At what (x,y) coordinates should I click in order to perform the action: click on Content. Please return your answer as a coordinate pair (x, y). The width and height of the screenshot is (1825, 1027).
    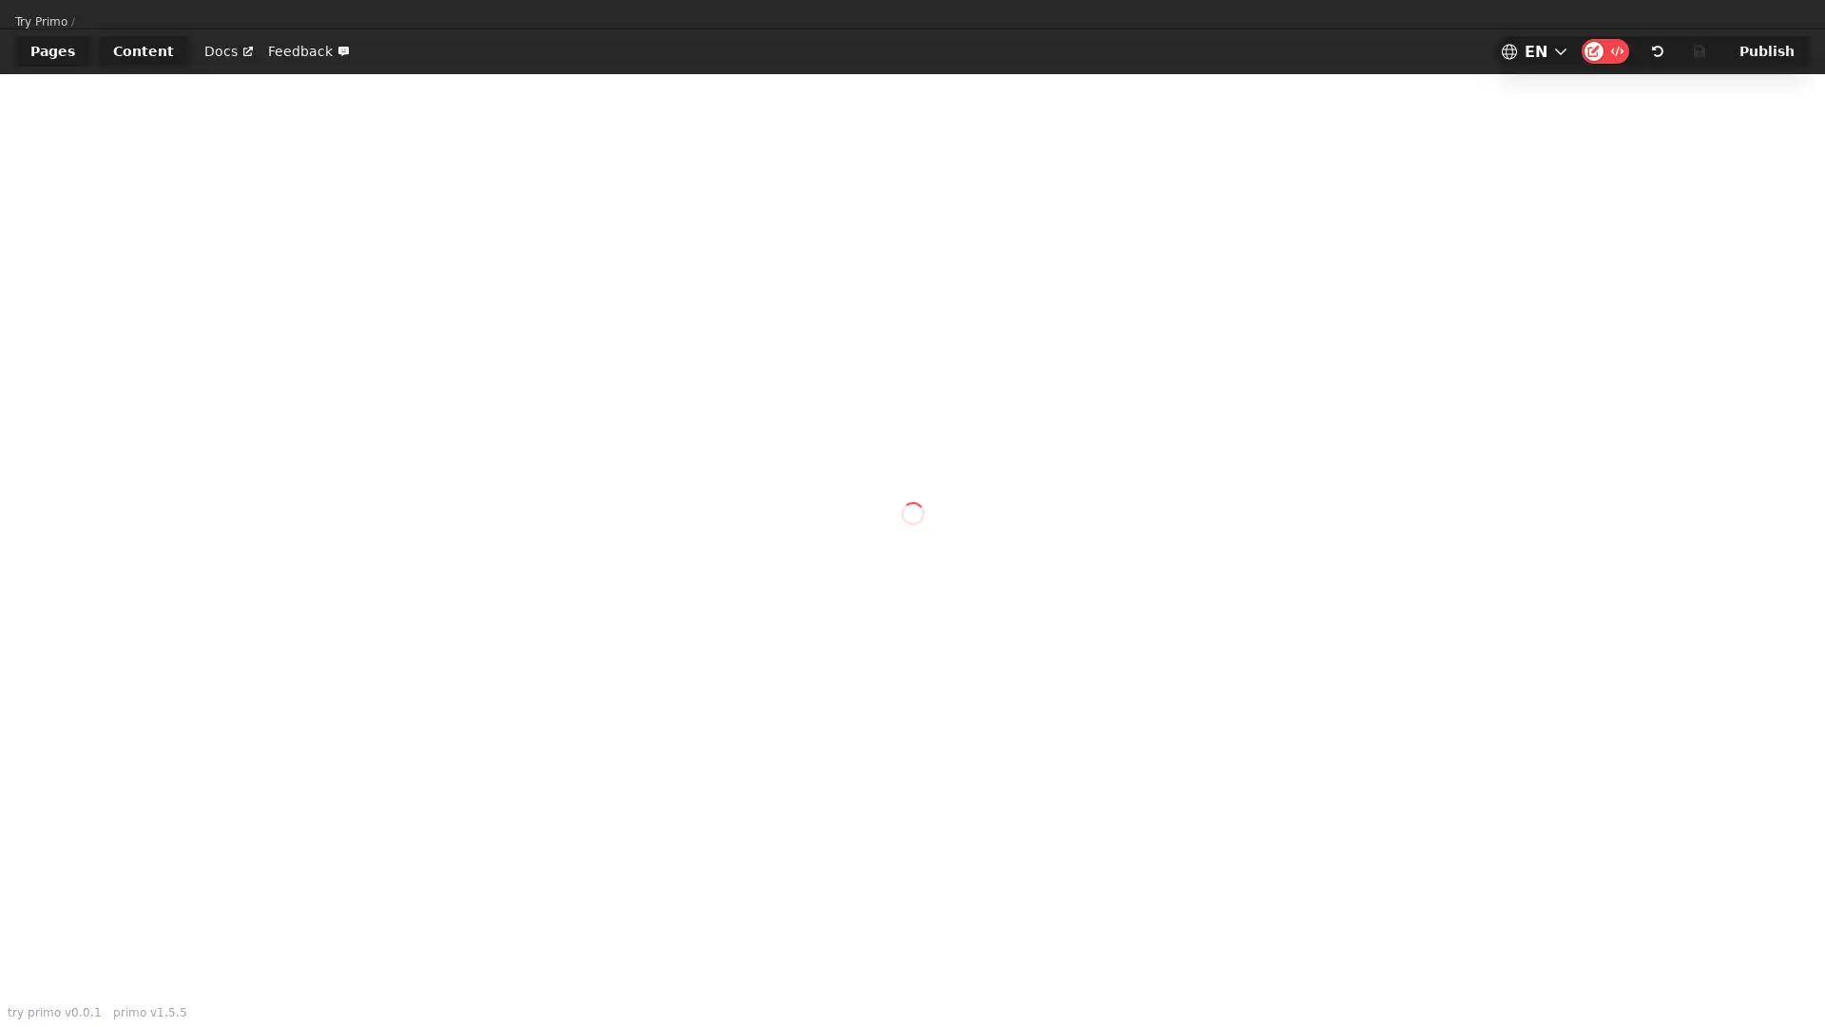
    Looking at the image, I should click on (142, 50).